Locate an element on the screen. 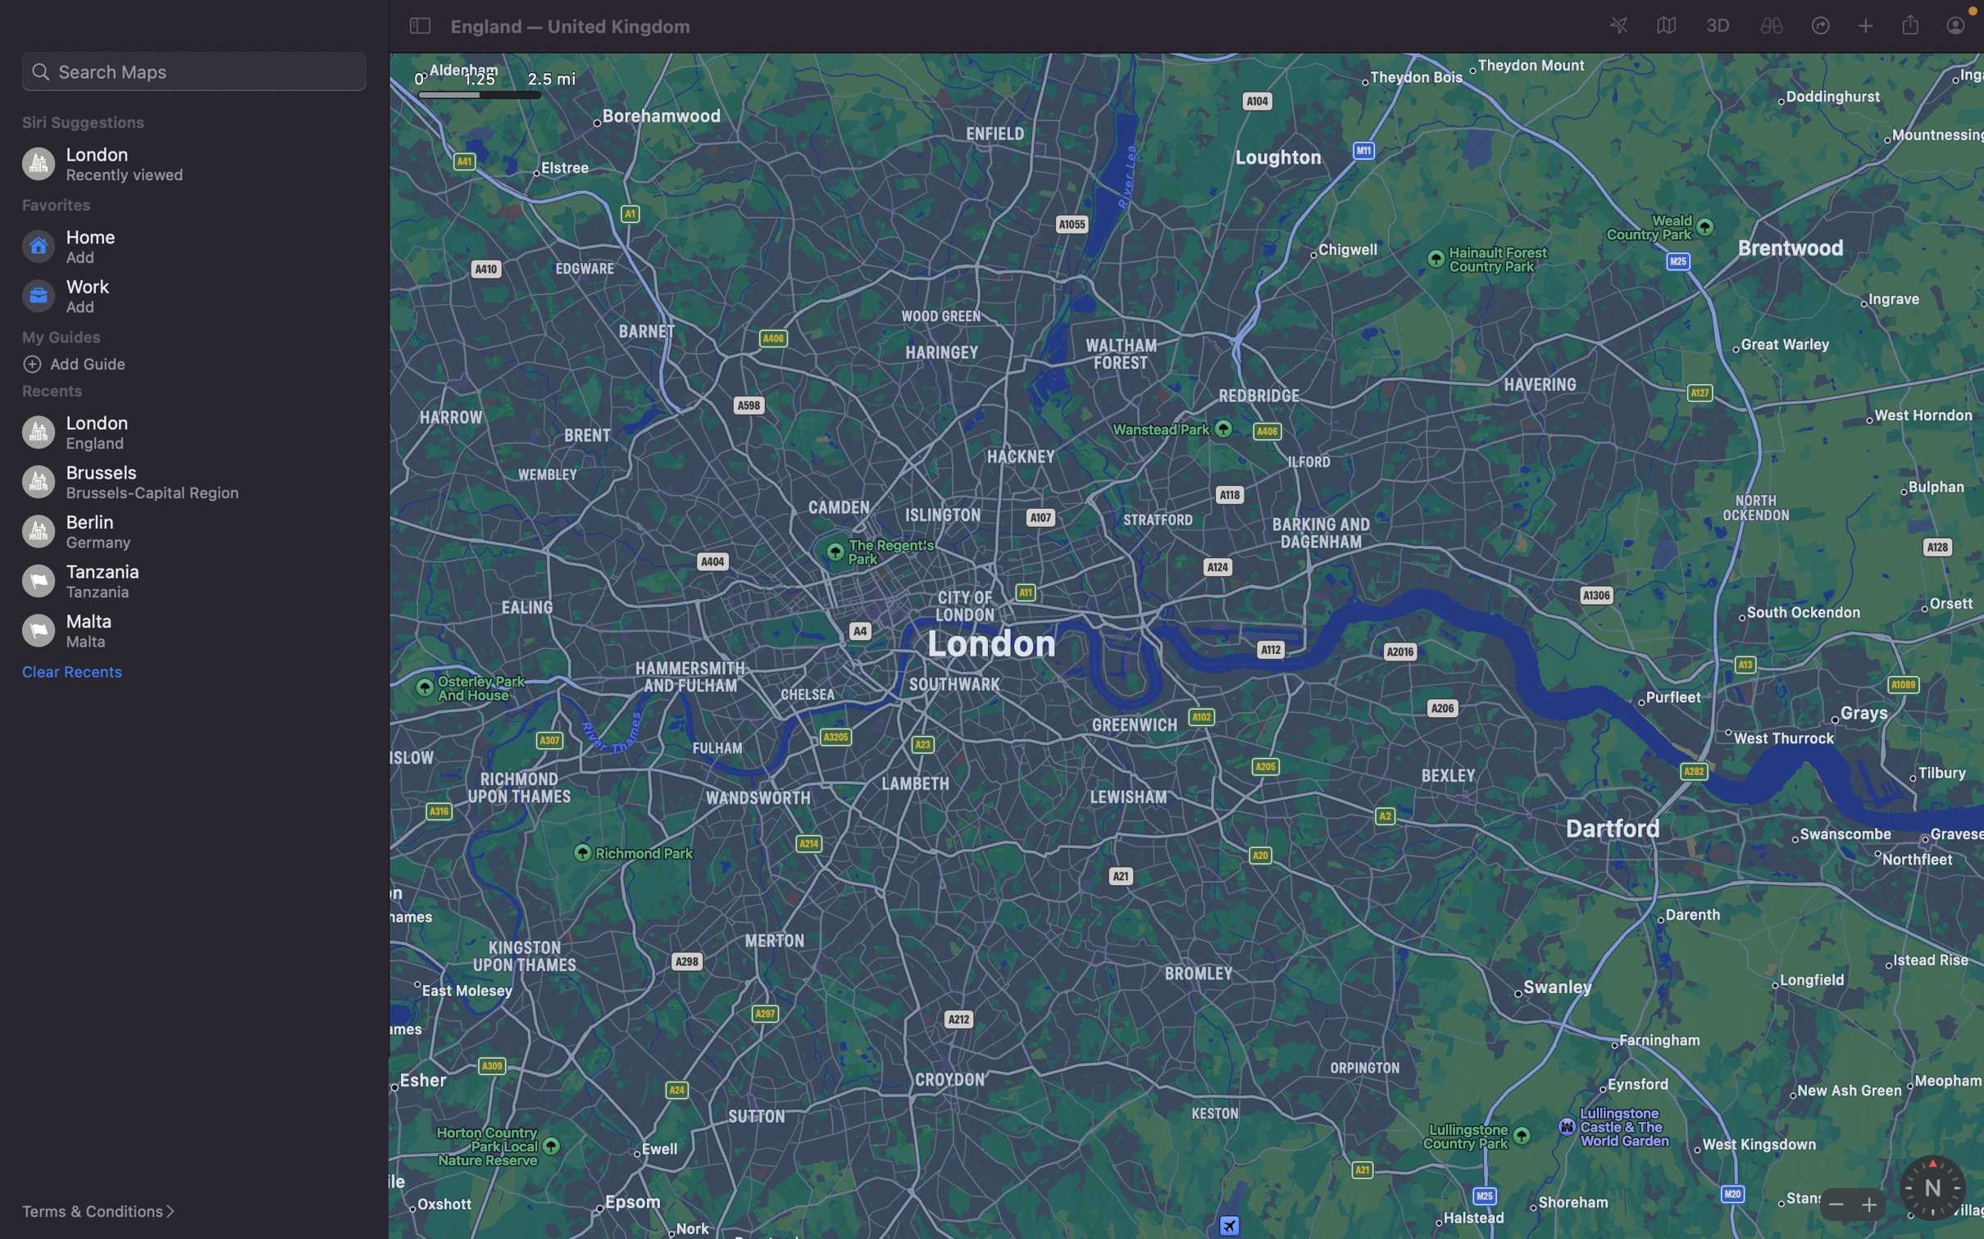 This screenshot has width=1984, height=1239. Input a new office address is located at coordinates (198, 297).